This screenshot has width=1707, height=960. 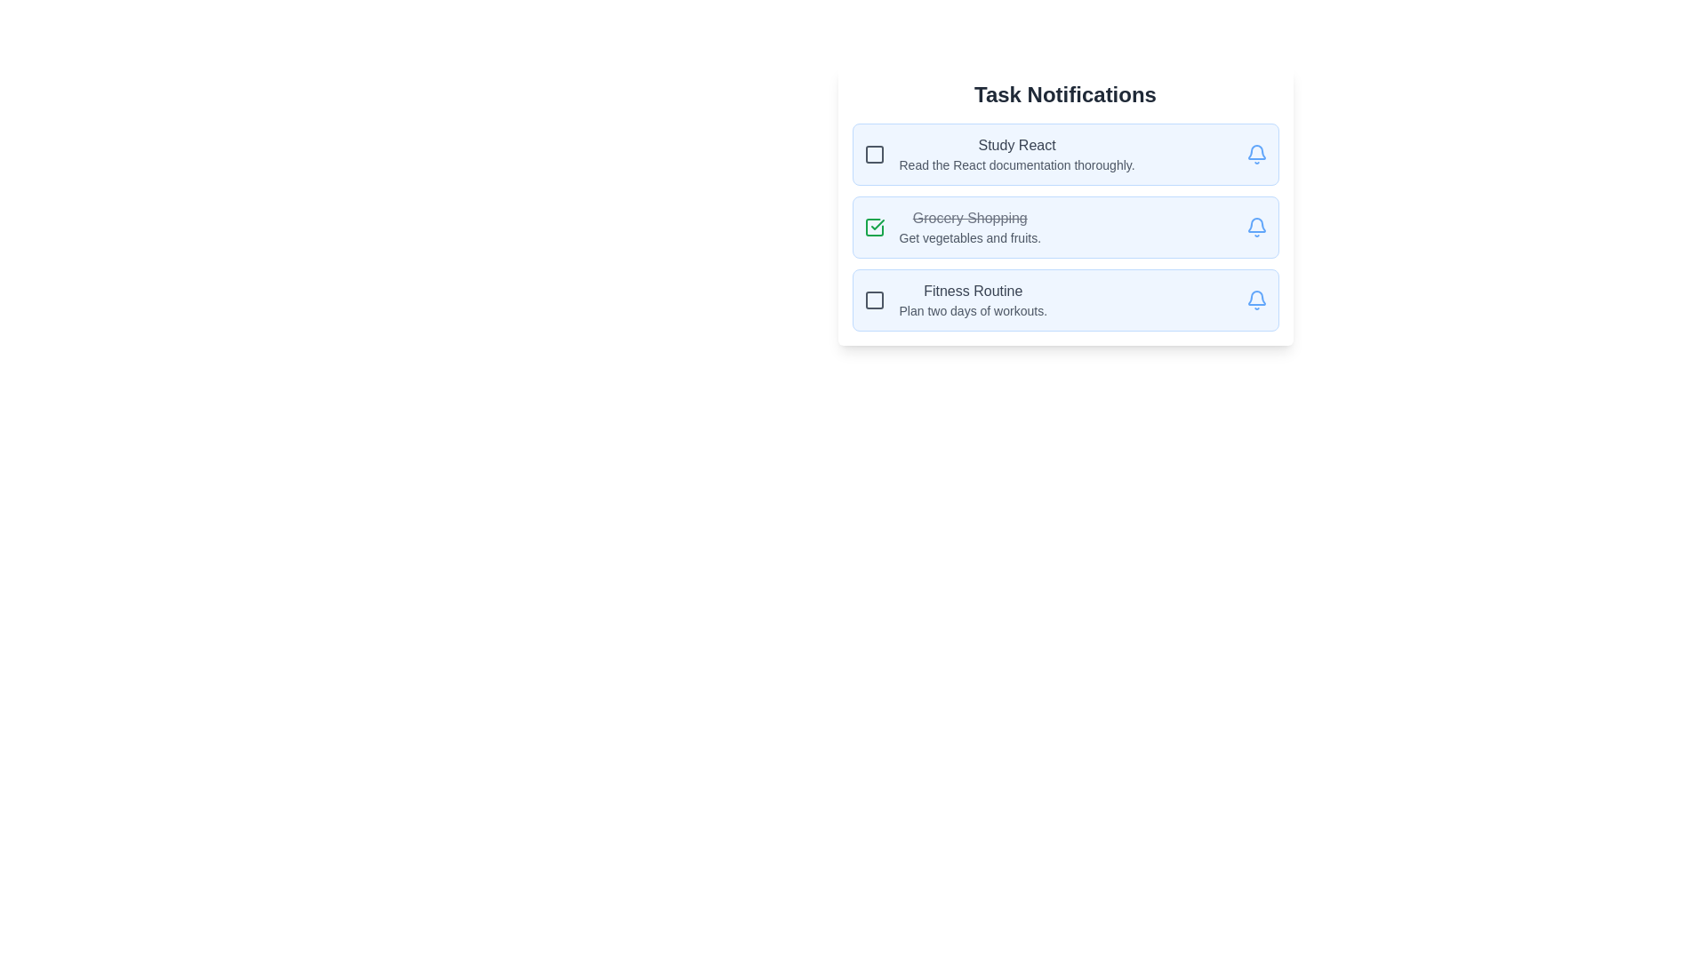 I want to click on the green checkmark icon within the second task entry labeled 'Grocery Shopping' in the 'Task Notifications' section, so click(x=878, y=224).